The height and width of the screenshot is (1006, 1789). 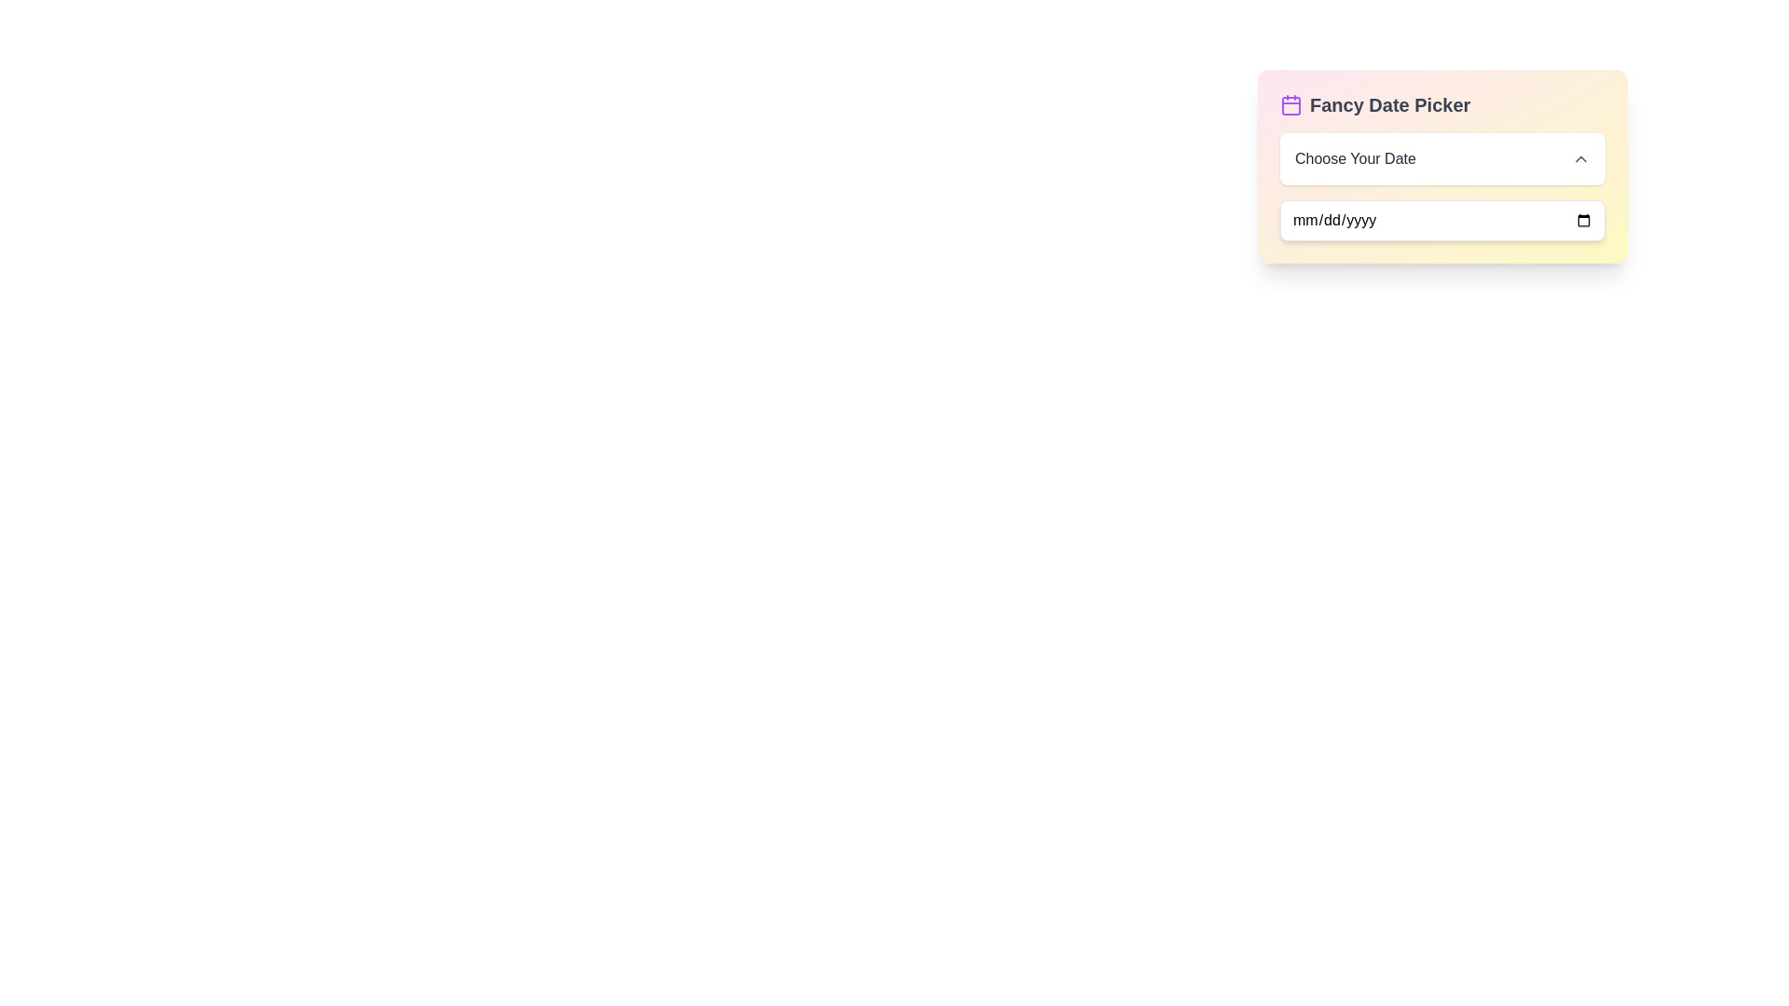 What do you see at coordinates (1291, 104) in the screenshot?
I see `the purple outlined calendar icon located adjacent to the 'Fancy Date Picker' text` at bounding box center [1291, 104].